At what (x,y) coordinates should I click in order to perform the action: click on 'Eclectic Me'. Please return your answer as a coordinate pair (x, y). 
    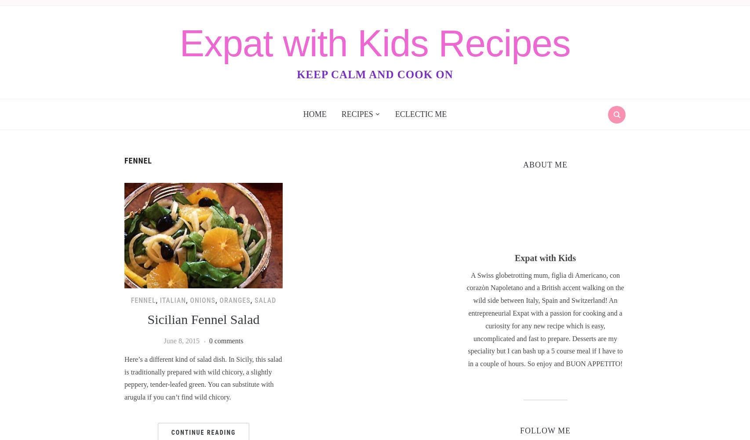
    Looking at the image, I should click on (421, 113).